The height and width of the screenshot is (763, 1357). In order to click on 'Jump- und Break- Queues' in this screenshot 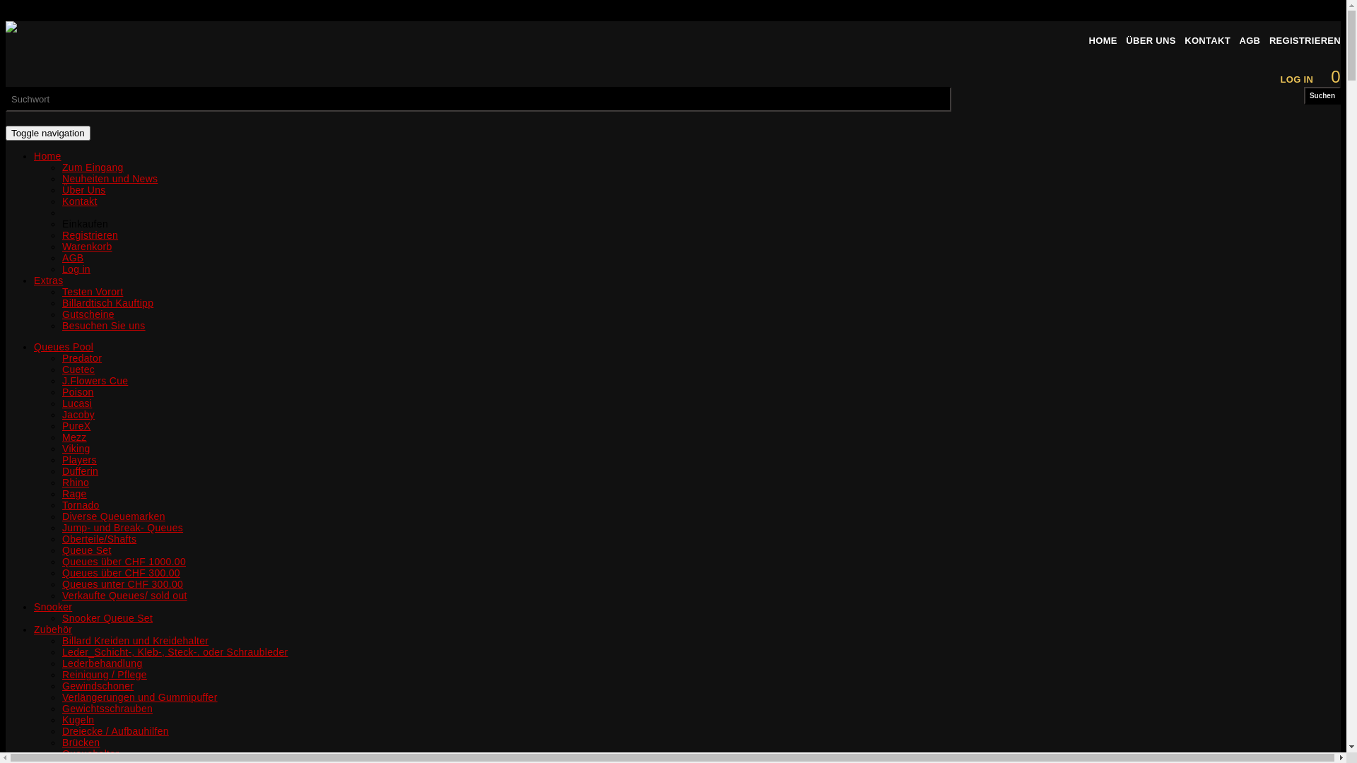, I will do `click(61, 528)`.